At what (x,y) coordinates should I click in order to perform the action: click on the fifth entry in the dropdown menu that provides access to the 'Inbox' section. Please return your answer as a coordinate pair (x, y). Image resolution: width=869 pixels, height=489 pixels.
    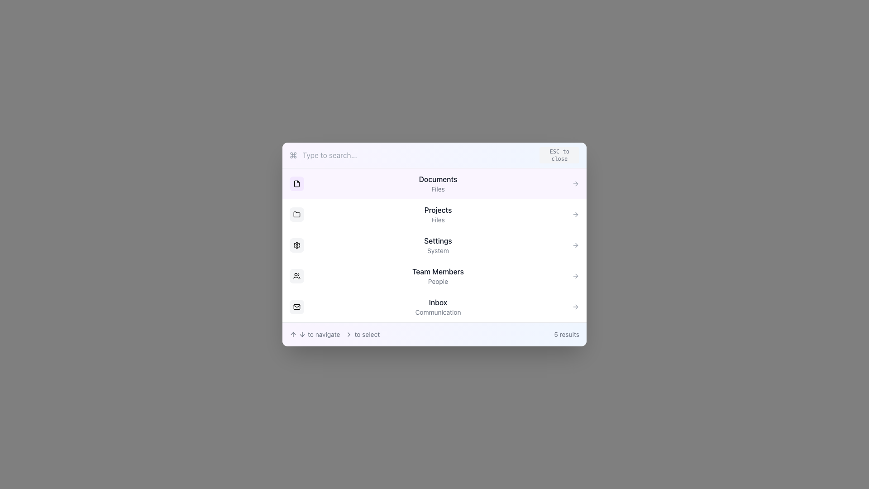
    Looking at the image, I should click on (434, 307).